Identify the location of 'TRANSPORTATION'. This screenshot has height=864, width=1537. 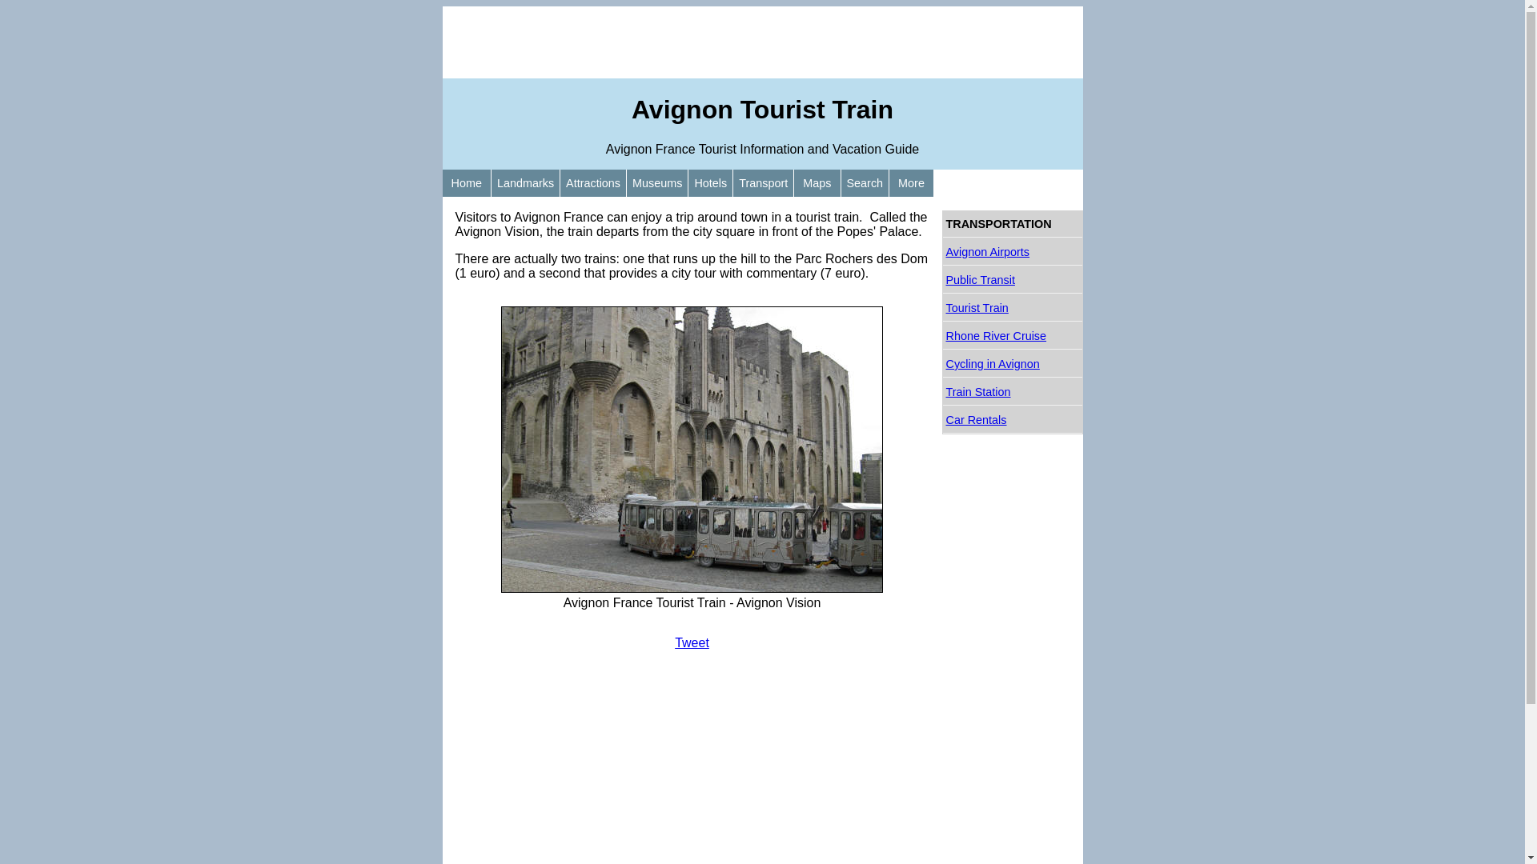
(1012, 224).